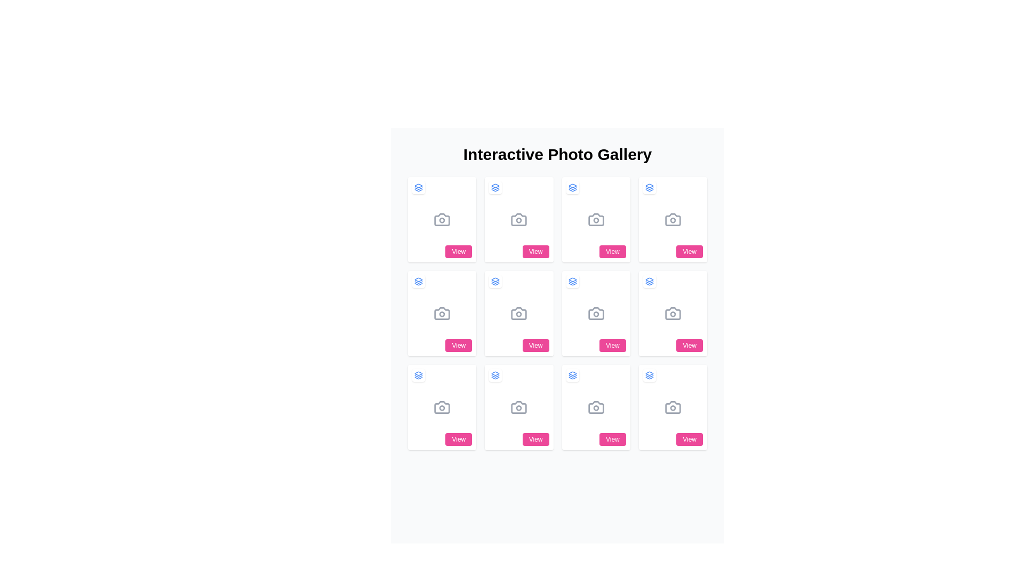 This screenshot has height=576, width=1024. What do you see at coordinates (572, 187) in the screenshot?
I see `the blue-colored icon with a layered design resembling stacked sheets located in the top-right corner of a card in the second column of the first row in a grid layout` at bounding box center [572, 187].